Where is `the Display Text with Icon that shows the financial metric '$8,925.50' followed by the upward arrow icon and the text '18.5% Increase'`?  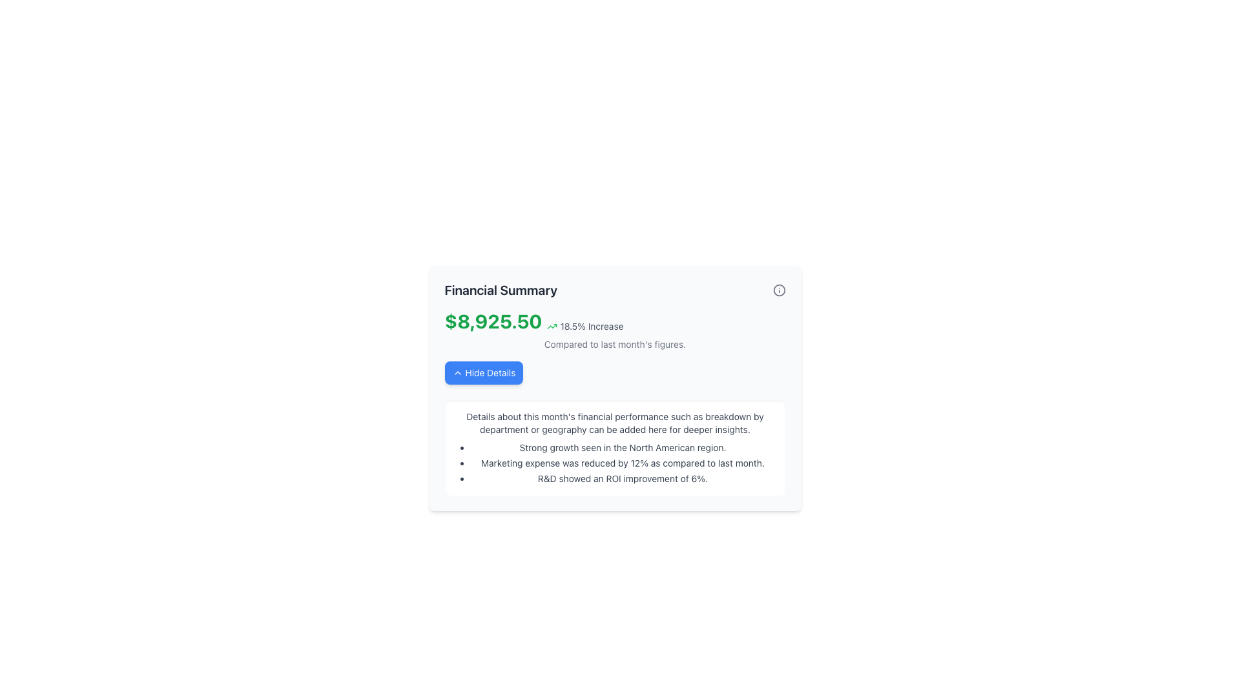 the Display Text with Icon that shows the financial metric '$8,925.50' followed by the upward arrow icon and the text '18.5% Increase' is located at coordinates (614, 320).